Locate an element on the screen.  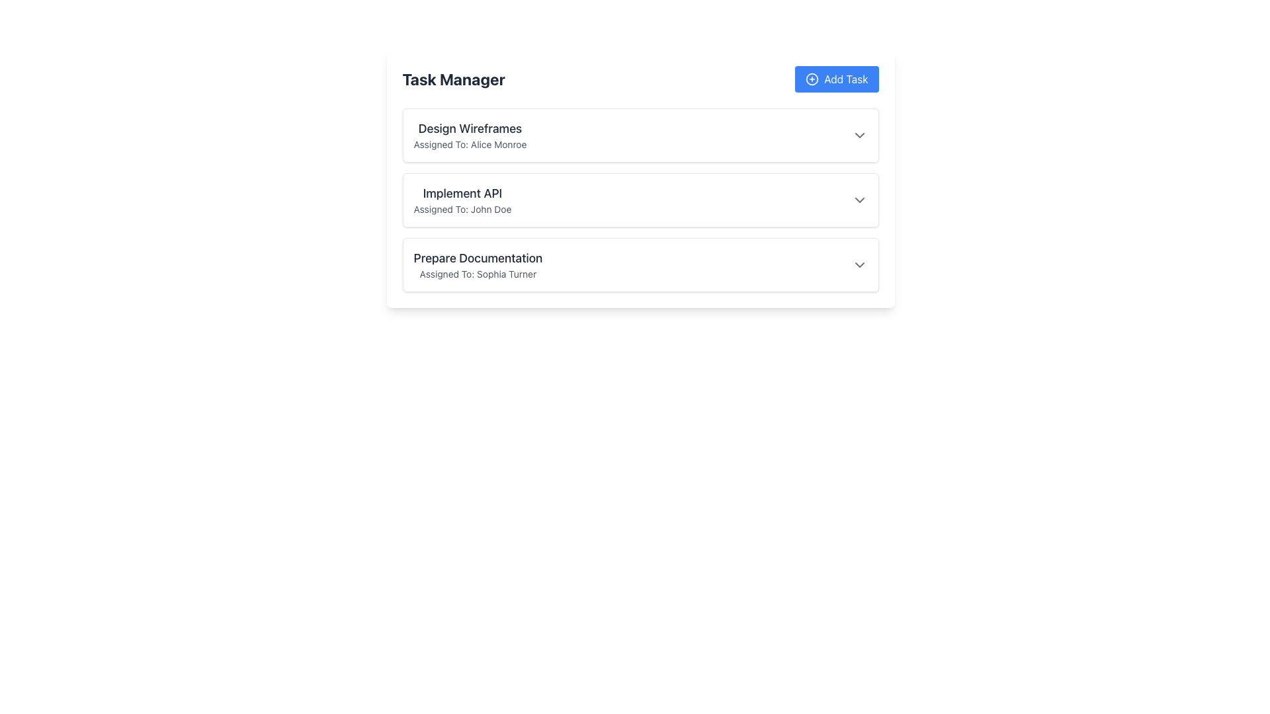
the 'Design Wireframes' task card located at the top-left of the Task Manager section for more options is located at coordinates (640, 135).